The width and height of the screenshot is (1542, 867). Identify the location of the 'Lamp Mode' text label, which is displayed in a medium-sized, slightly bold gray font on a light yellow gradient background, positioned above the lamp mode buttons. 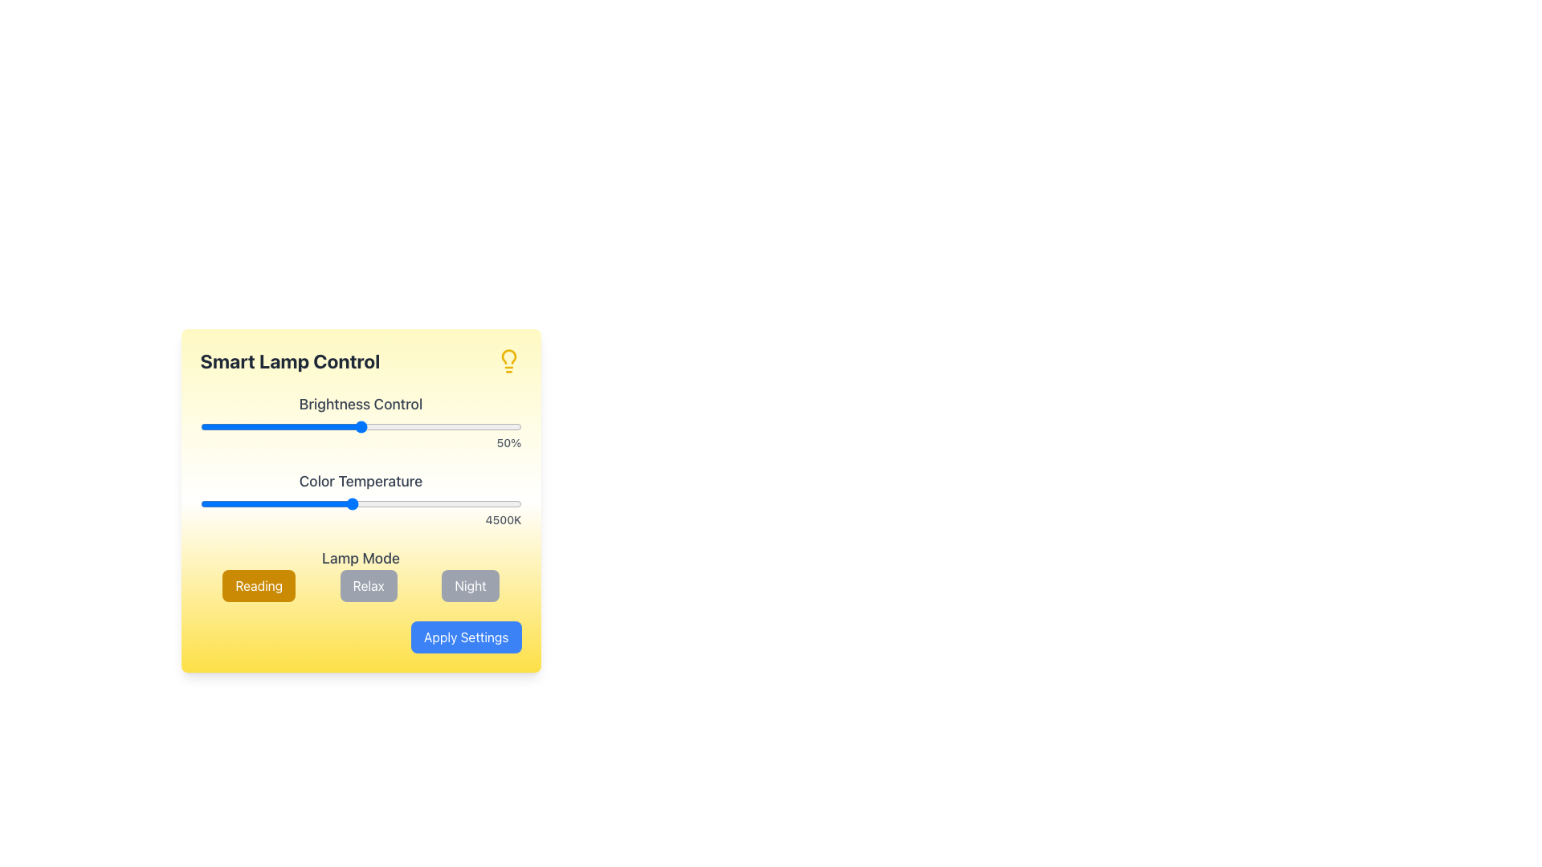
(360, 557).